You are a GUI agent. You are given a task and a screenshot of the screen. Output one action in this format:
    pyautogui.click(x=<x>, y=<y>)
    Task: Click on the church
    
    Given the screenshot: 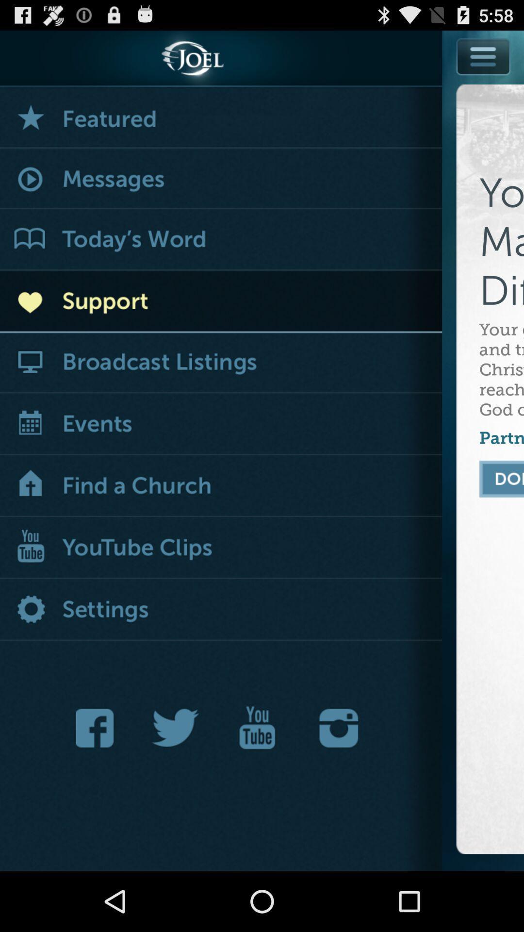 What is the action you would take?
    pyautogui.click(x=221, y=486)
    